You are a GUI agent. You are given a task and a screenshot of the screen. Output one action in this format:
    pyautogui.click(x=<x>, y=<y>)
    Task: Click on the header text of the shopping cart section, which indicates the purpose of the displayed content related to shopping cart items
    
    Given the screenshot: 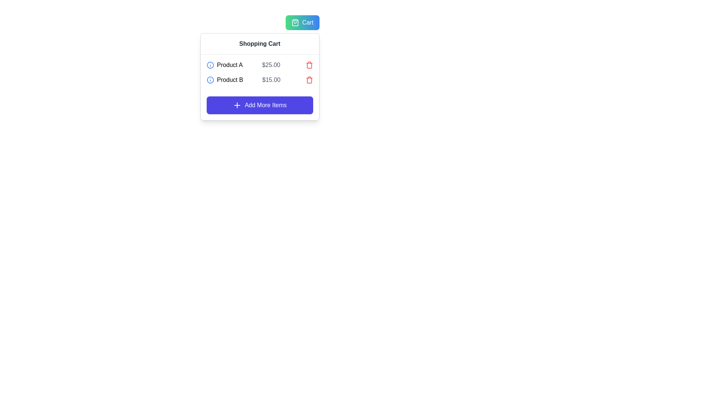 What is the action you would take?
    pyautogui.click(x=260, y=44)
    